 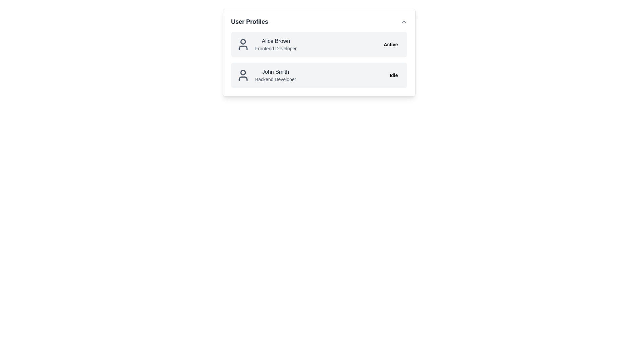 I want to click on the text label displaying 'Alice Brown' in the user profile, which is centrally aligned at the top section of the user profile card, so click(x=276, y=41).